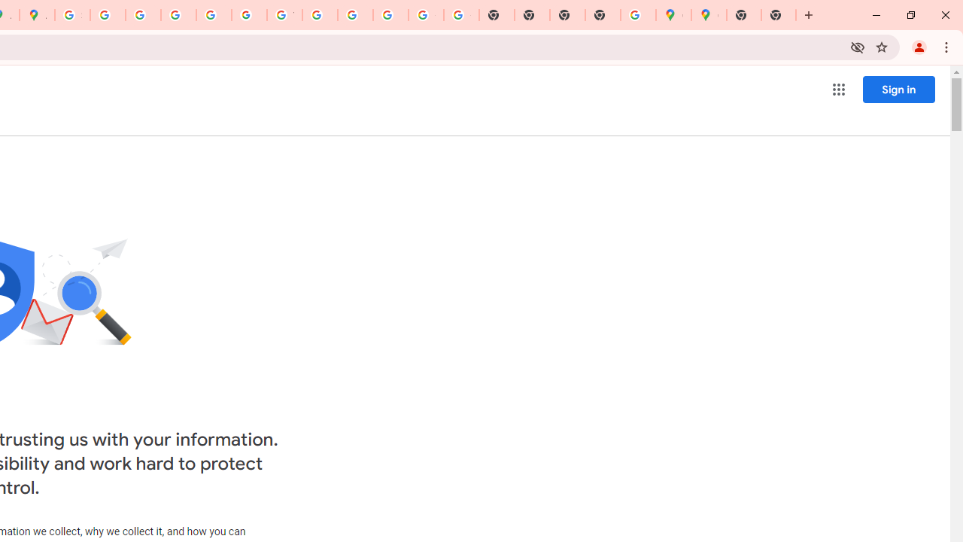 The width and height of the screenshot is (963, 542). Describe the element at coordinates (910, 15) in the screenshot. I see `'Restore'` at that location.